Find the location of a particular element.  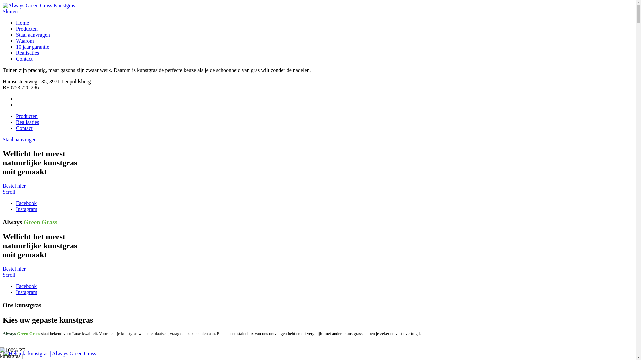

'Home' is located at coordinates (22, 22).